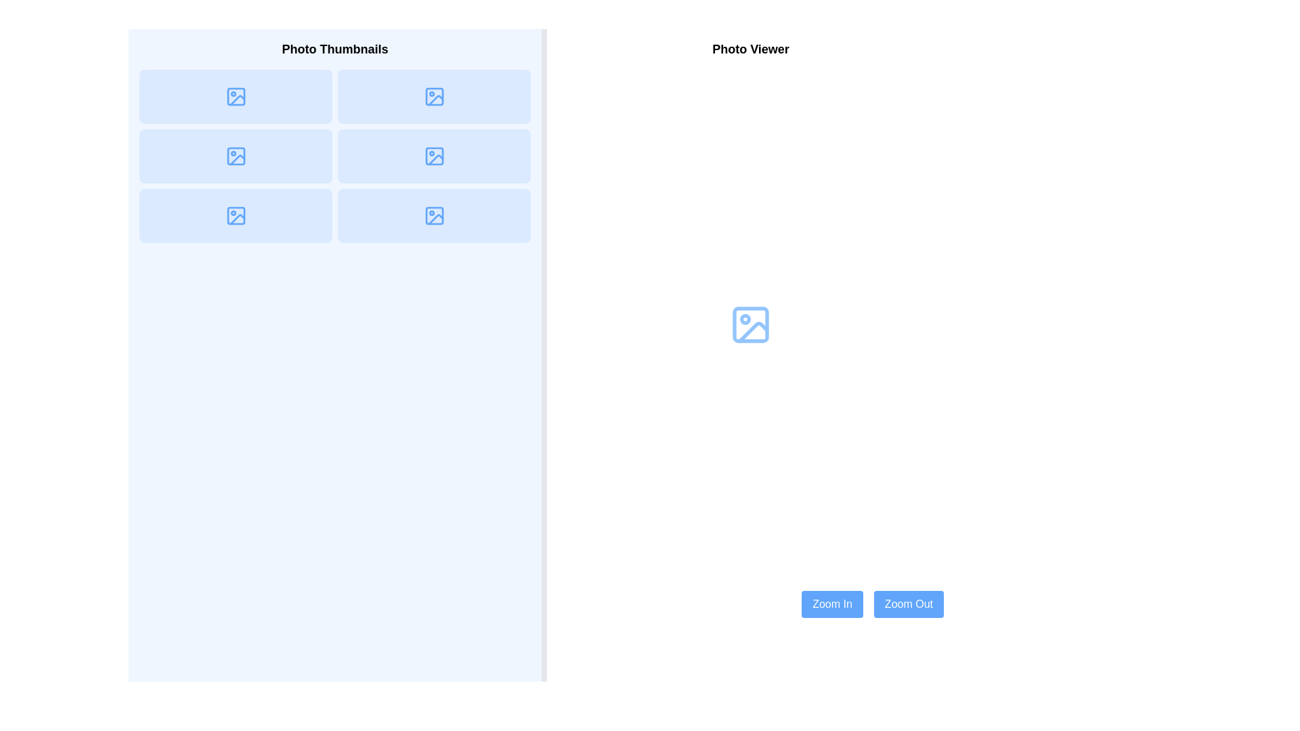 This screenshot has width=1300, height=731. I want to click on the icon with a blue outline and a circular embellishment located in the top left box of the photo thumbnails section, so click(236, 95).